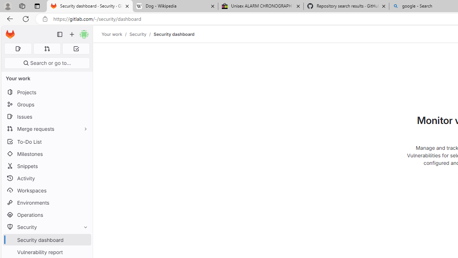 The width and height of the screenshot is (458, 258). I want to click on 'Assigned issues 0', so click(18, 48).